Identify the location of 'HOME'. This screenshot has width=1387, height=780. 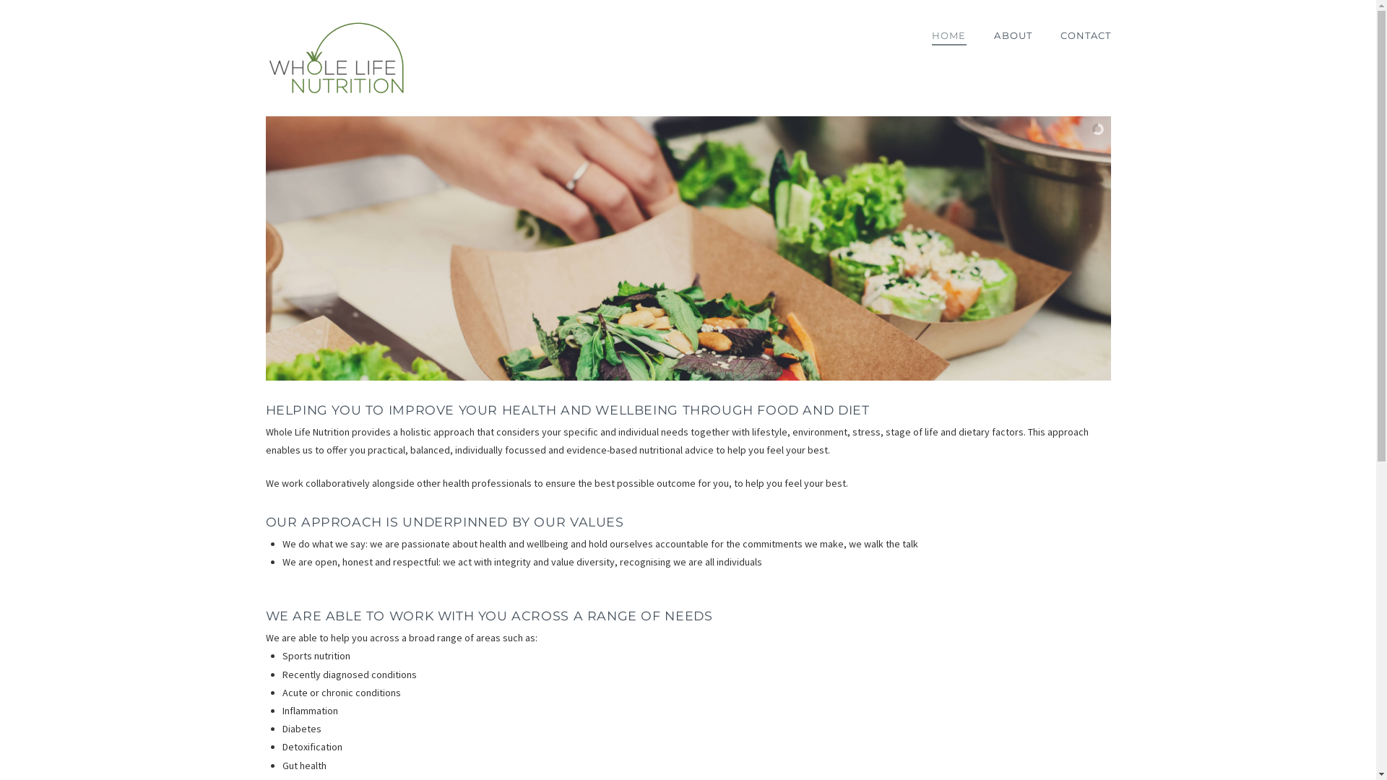
(917, 35).